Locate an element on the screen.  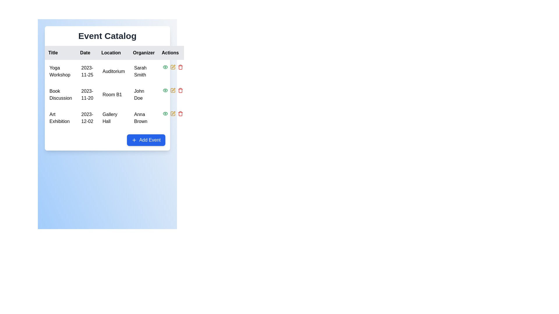
the editing icon represented by a pencil over a square, located in the 'Actions' column of the second row corresponding to the 'Book Discussion' event is located at coordinates (173, 67).